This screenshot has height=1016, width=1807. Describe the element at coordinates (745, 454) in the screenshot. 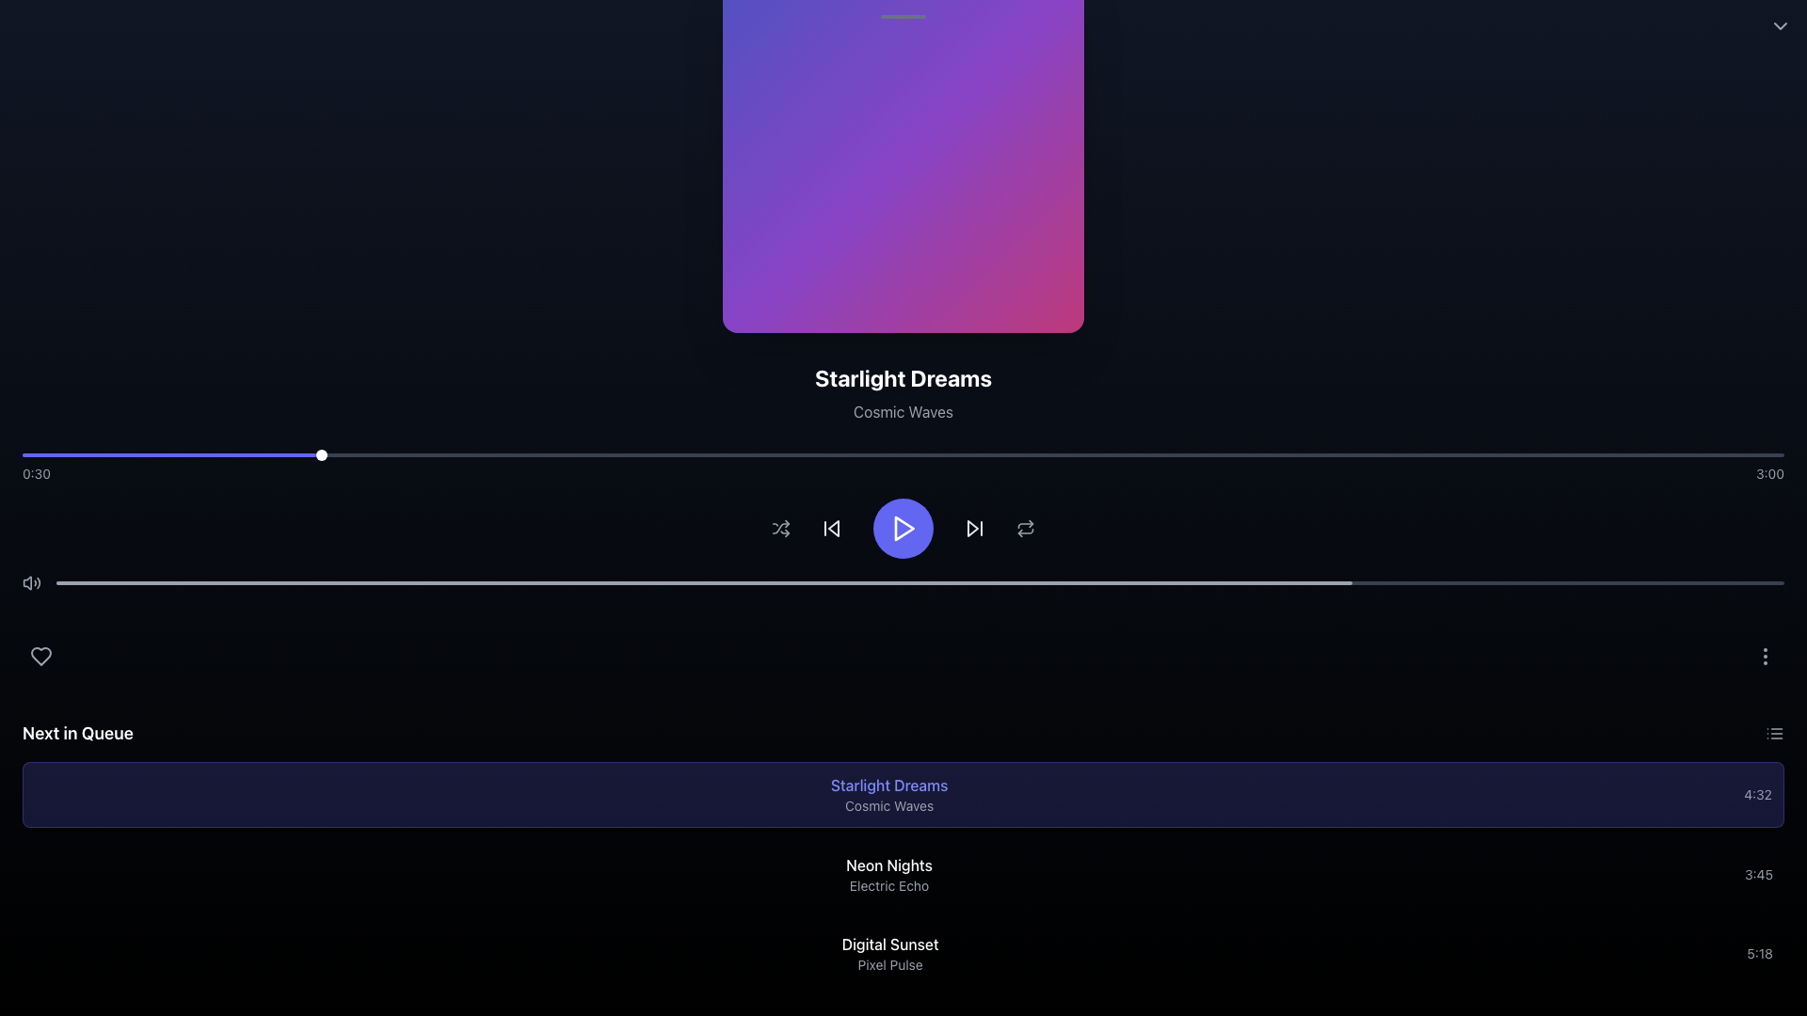

I see `playback position` at that location.